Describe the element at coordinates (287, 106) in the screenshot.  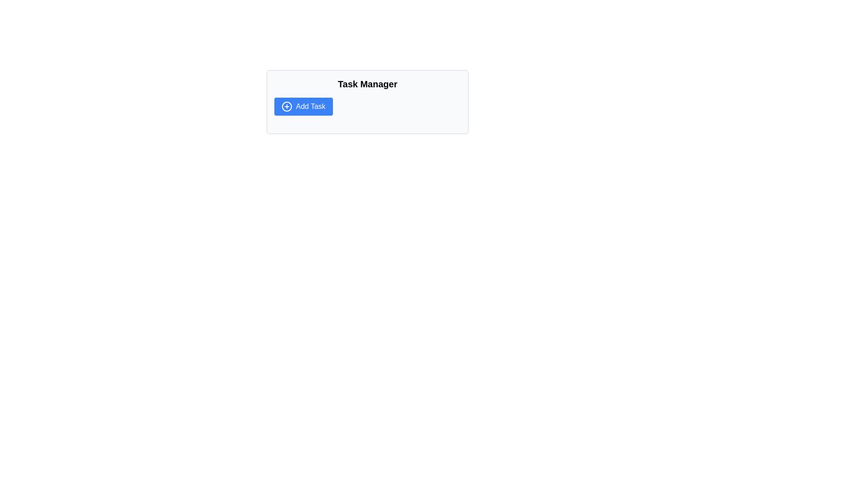
I see `the icon inside the 'Add Task' button located at the bottom-left section of the 'Task Manager' card` at that location.